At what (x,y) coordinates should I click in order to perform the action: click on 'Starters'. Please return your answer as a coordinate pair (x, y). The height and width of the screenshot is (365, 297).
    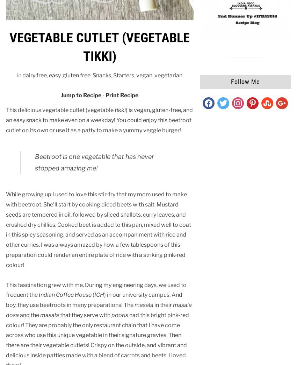
    Looking at the image, I should click on (123, 75).